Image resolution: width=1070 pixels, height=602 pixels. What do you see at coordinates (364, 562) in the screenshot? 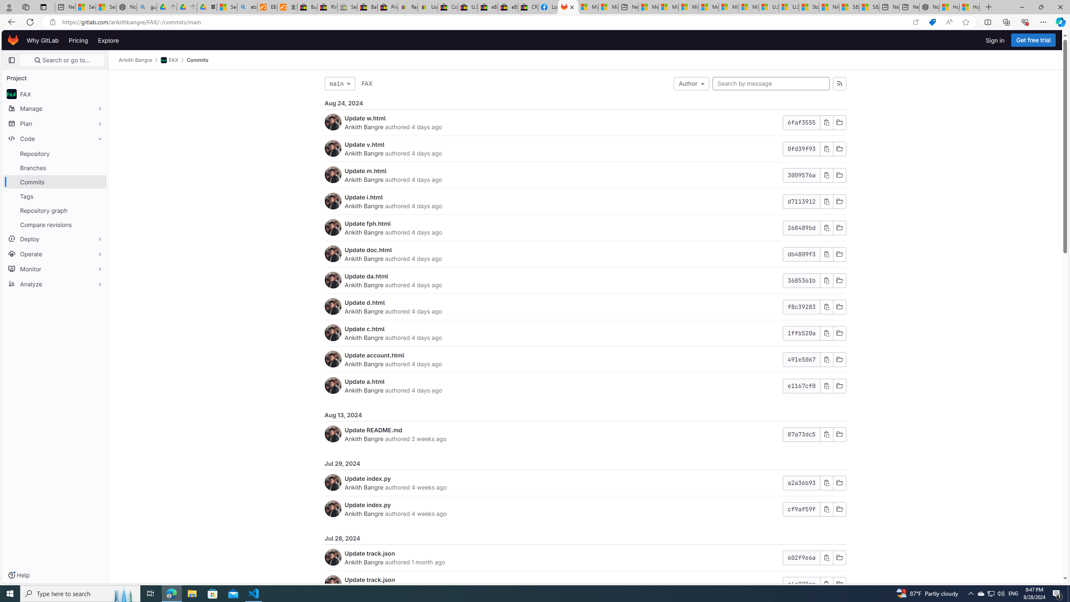
I see `'Ankith Bangre'` at bounding box center [364, 562].